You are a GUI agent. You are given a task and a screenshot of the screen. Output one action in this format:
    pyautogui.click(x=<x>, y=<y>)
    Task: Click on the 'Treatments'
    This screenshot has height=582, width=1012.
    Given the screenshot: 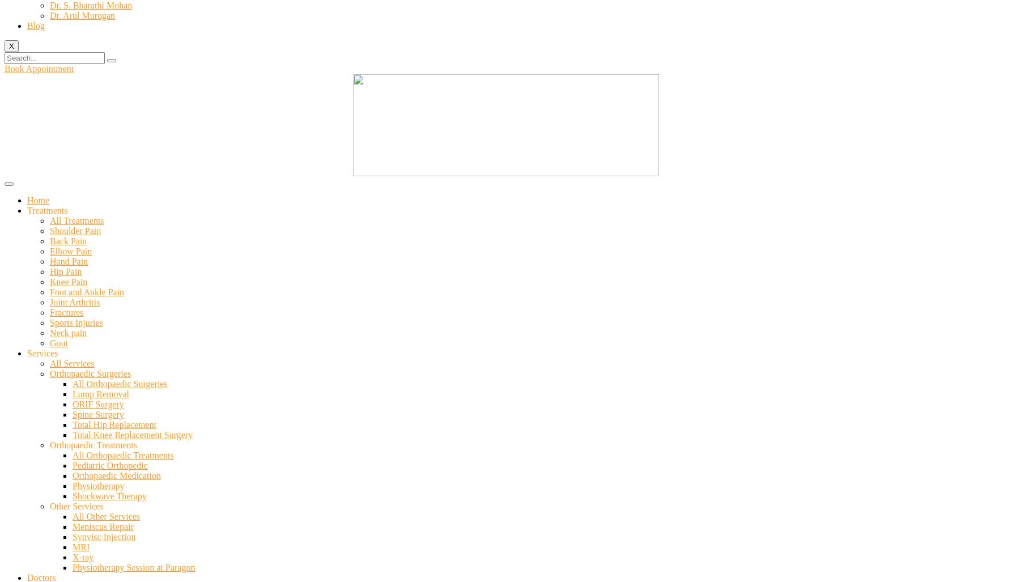 What is the action you would take?
    pyautogui.click(x=47, y=210)
    